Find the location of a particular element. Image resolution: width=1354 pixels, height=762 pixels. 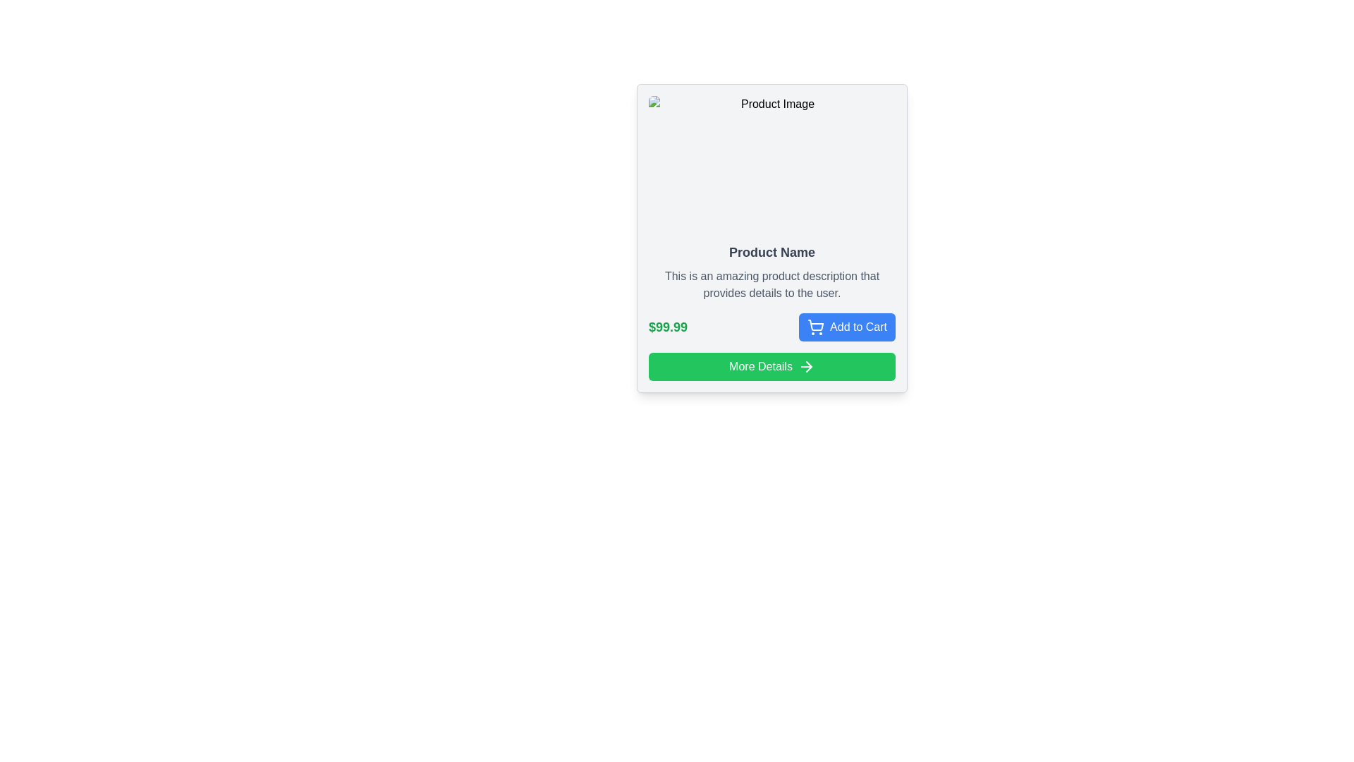

the icon representing the action of adding an item to the shopping cart, located on the right-hand side of the blue 'Add to Cart' button is located at coordinates (815, 327).